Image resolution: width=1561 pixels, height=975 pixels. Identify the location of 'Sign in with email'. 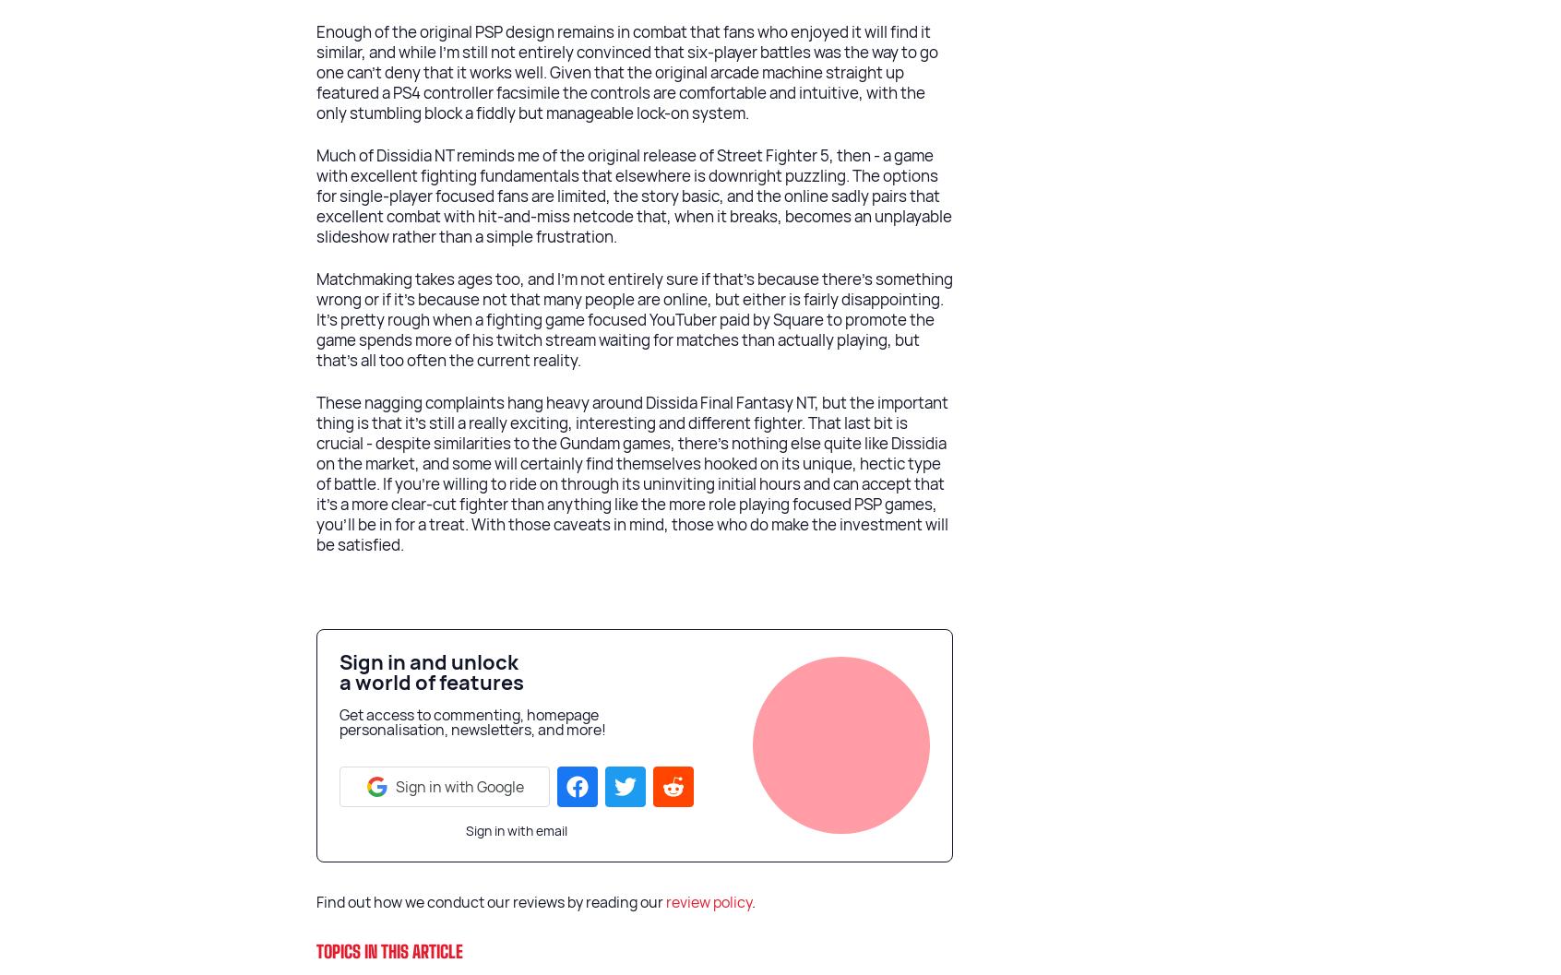
(517, 828).